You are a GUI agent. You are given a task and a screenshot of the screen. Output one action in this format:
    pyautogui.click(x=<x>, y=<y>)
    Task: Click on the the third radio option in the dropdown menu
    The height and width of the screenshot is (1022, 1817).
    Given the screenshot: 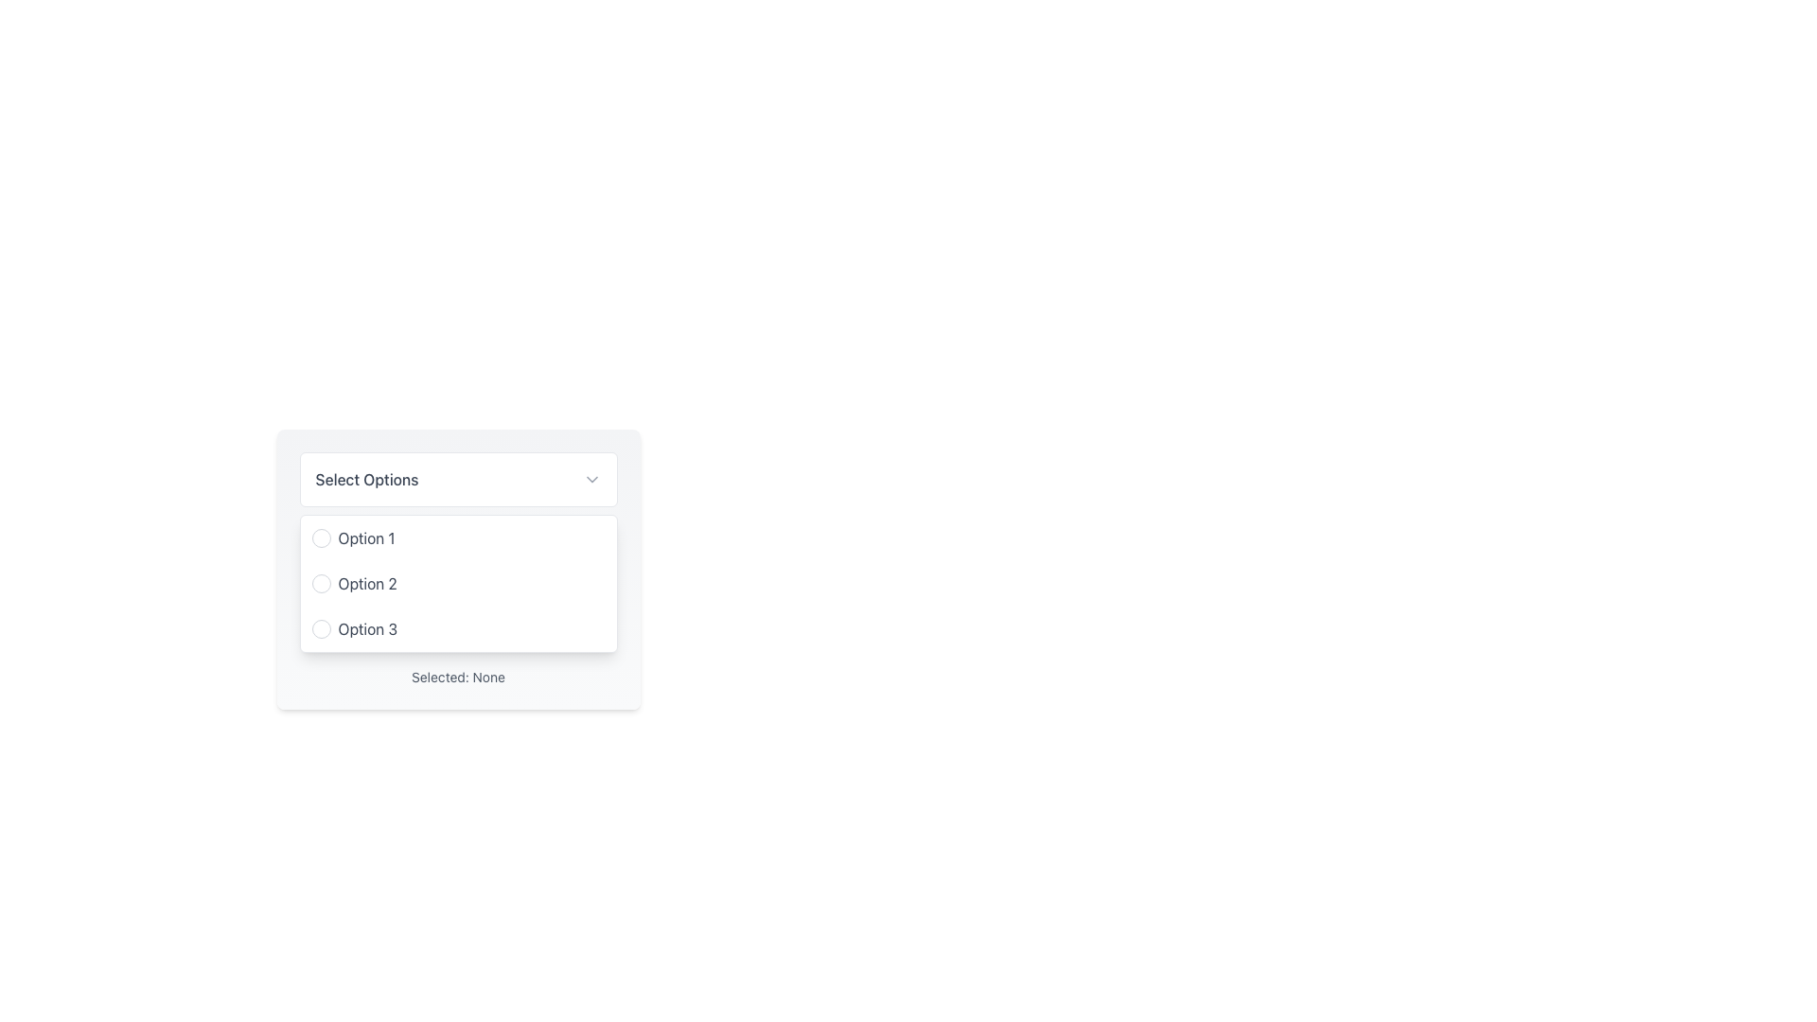 What is the action you would take?
    pyautogui.click(x=458, y=628)
    